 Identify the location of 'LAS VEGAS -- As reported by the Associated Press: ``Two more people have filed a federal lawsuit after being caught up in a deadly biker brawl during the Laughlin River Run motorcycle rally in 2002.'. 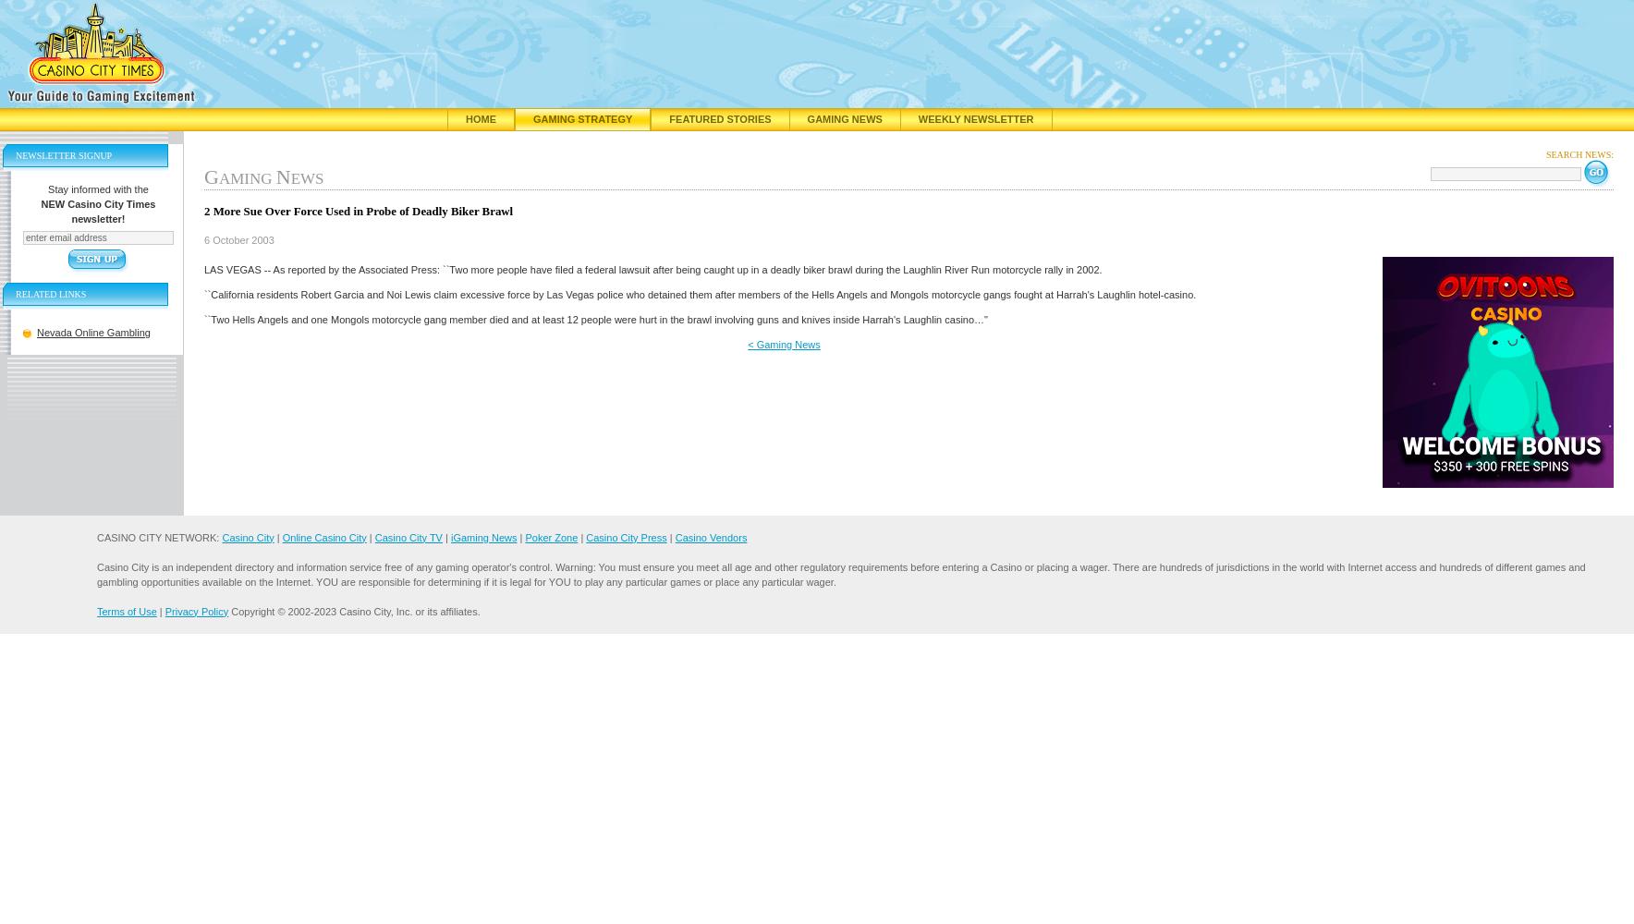
(203, 269).